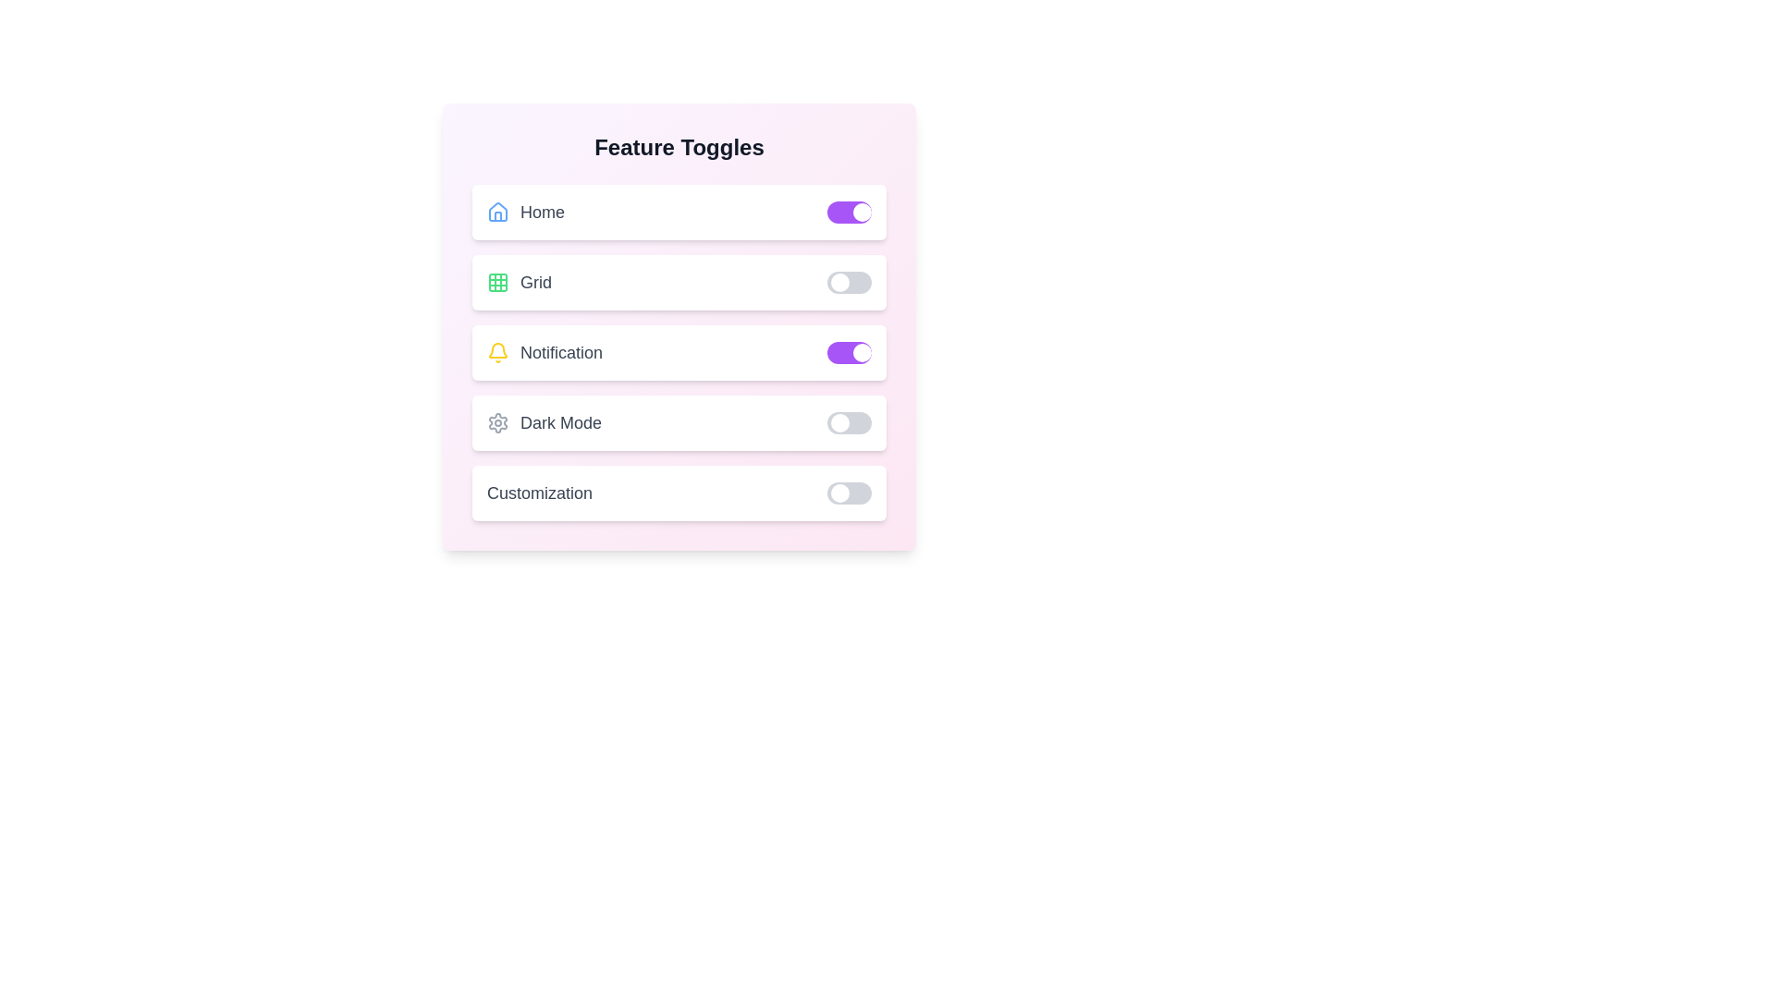 The image size is (1775, 998). I want to click on the small circular toggle handle within the Dark Mode switch interface, so click(839, 423).